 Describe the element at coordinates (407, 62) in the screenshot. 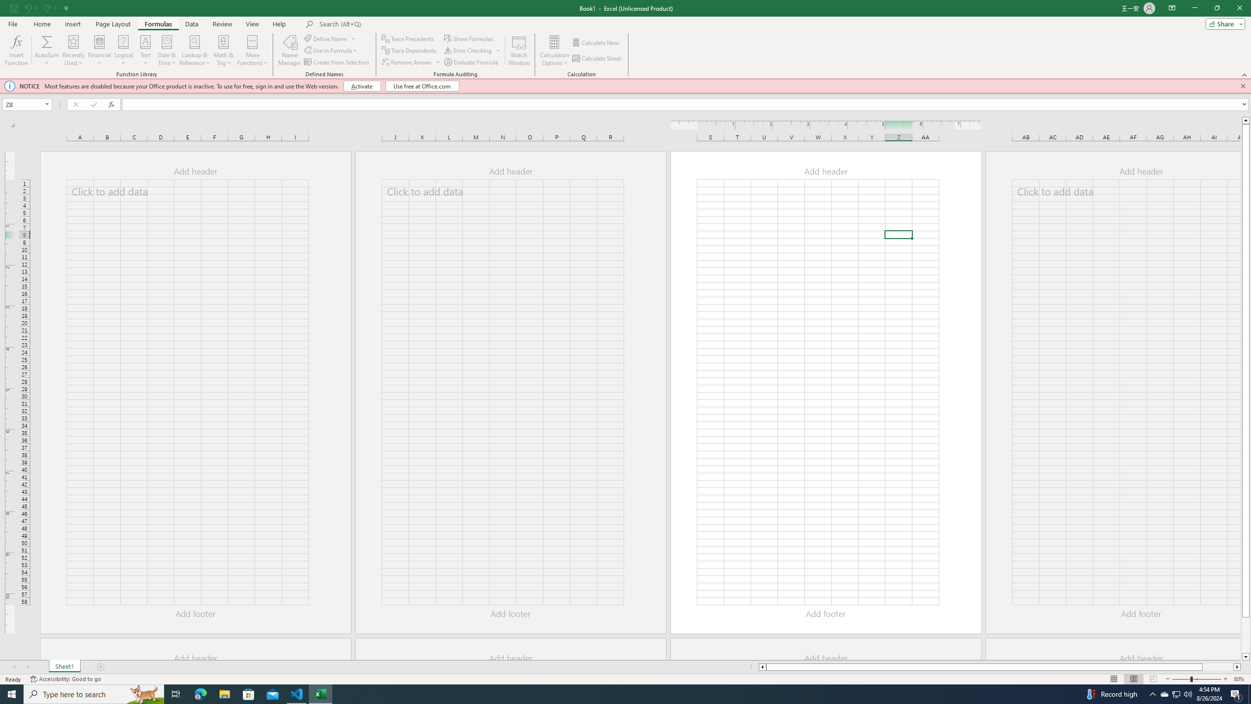

I see `'Remove Arrows'` at that location.